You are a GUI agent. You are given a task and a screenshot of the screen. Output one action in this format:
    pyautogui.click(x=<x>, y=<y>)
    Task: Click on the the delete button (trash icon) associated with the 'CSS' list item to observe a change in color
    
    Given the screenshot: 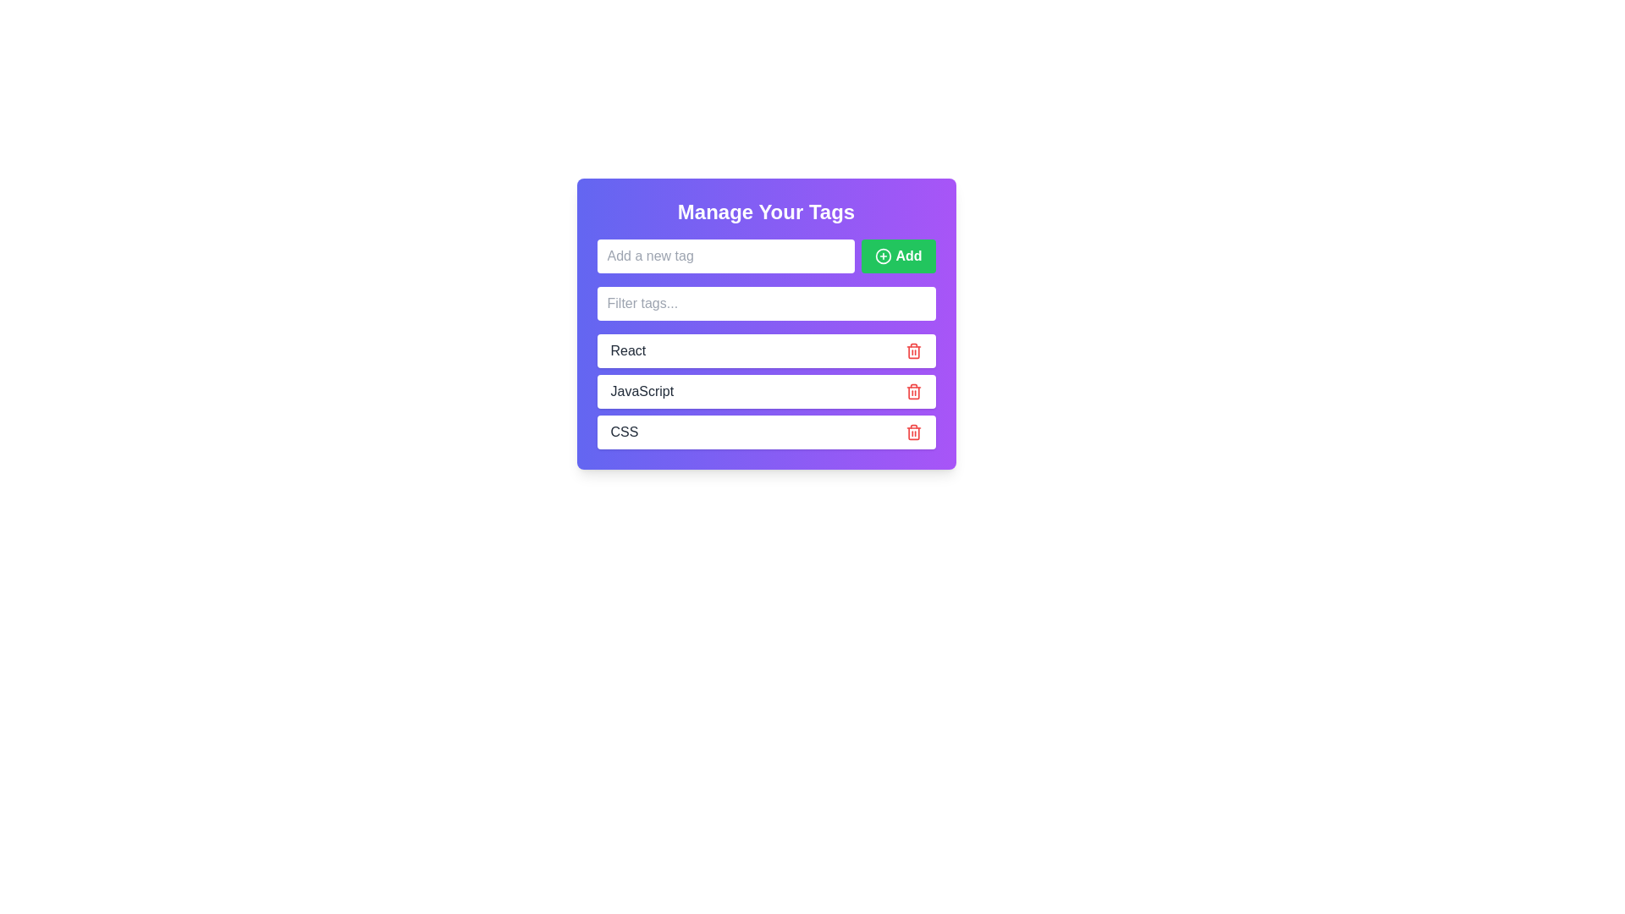 What is the action you would take?
    pyautogui.click(x=912, y=431)
    